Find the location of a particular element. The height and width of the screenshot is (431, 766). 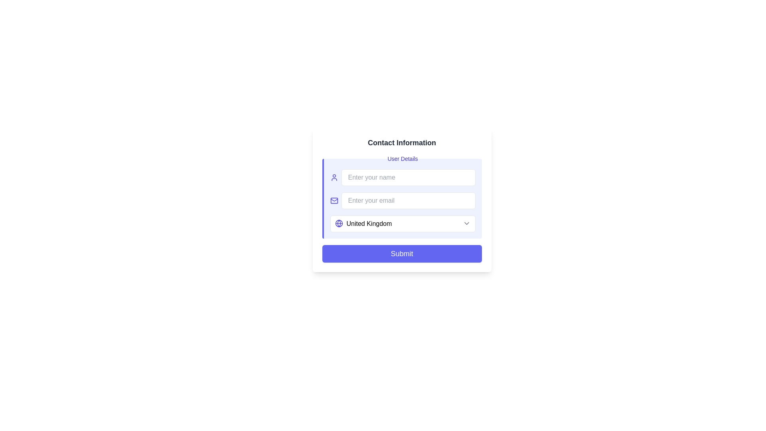

the decorative icon that visually represents the email input field in the 'Contact Information' form is located at coordinates (334, 200).